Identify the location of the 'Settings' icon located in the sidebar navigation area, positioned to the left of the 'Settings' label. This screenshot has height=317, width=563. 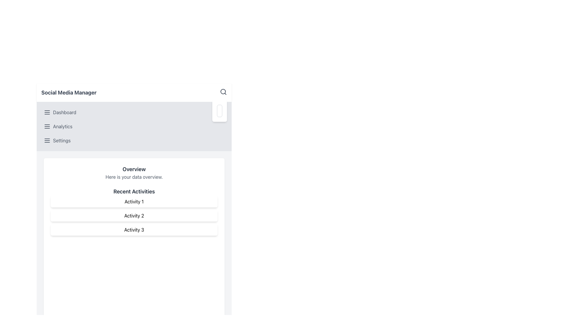
(47, 140).